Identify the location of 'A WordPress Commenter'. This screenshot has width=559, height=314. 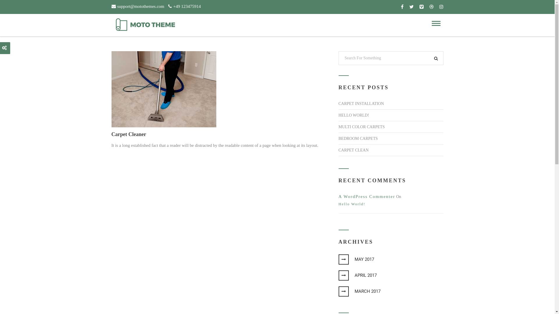
(366, 196).